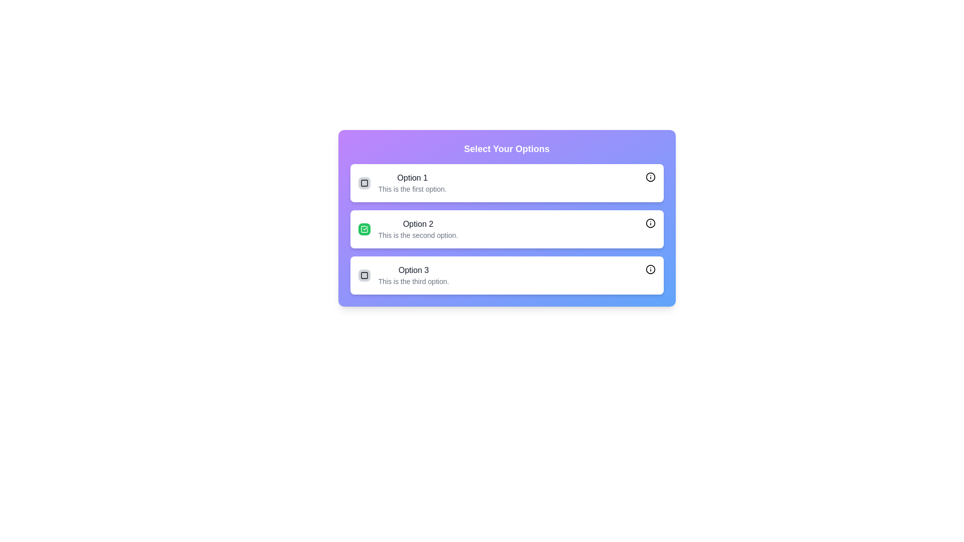 The width and height of the screenshot is (964, 542). Describe the element at coordinates (408, 229) in the screenshot. I see `textual description of the selectable list item titled 'Option 2', which includes the description 'This is the second option.' and is indicated as selected by a green square icon with a white checkmark` at that location.